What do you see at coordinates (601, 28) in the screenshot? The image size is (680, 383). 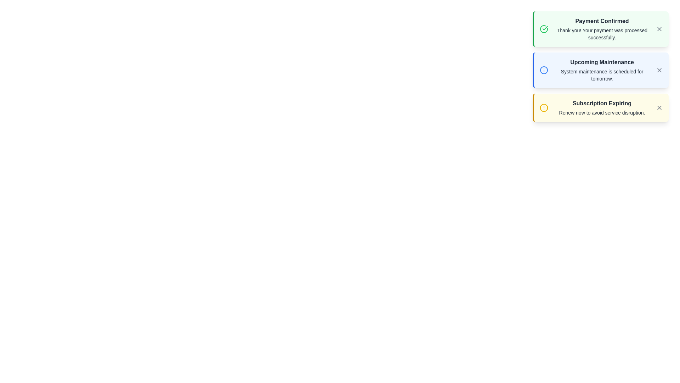 I see `the content of the notification titled Payment Confirmed` at bounding box center [601, 28].